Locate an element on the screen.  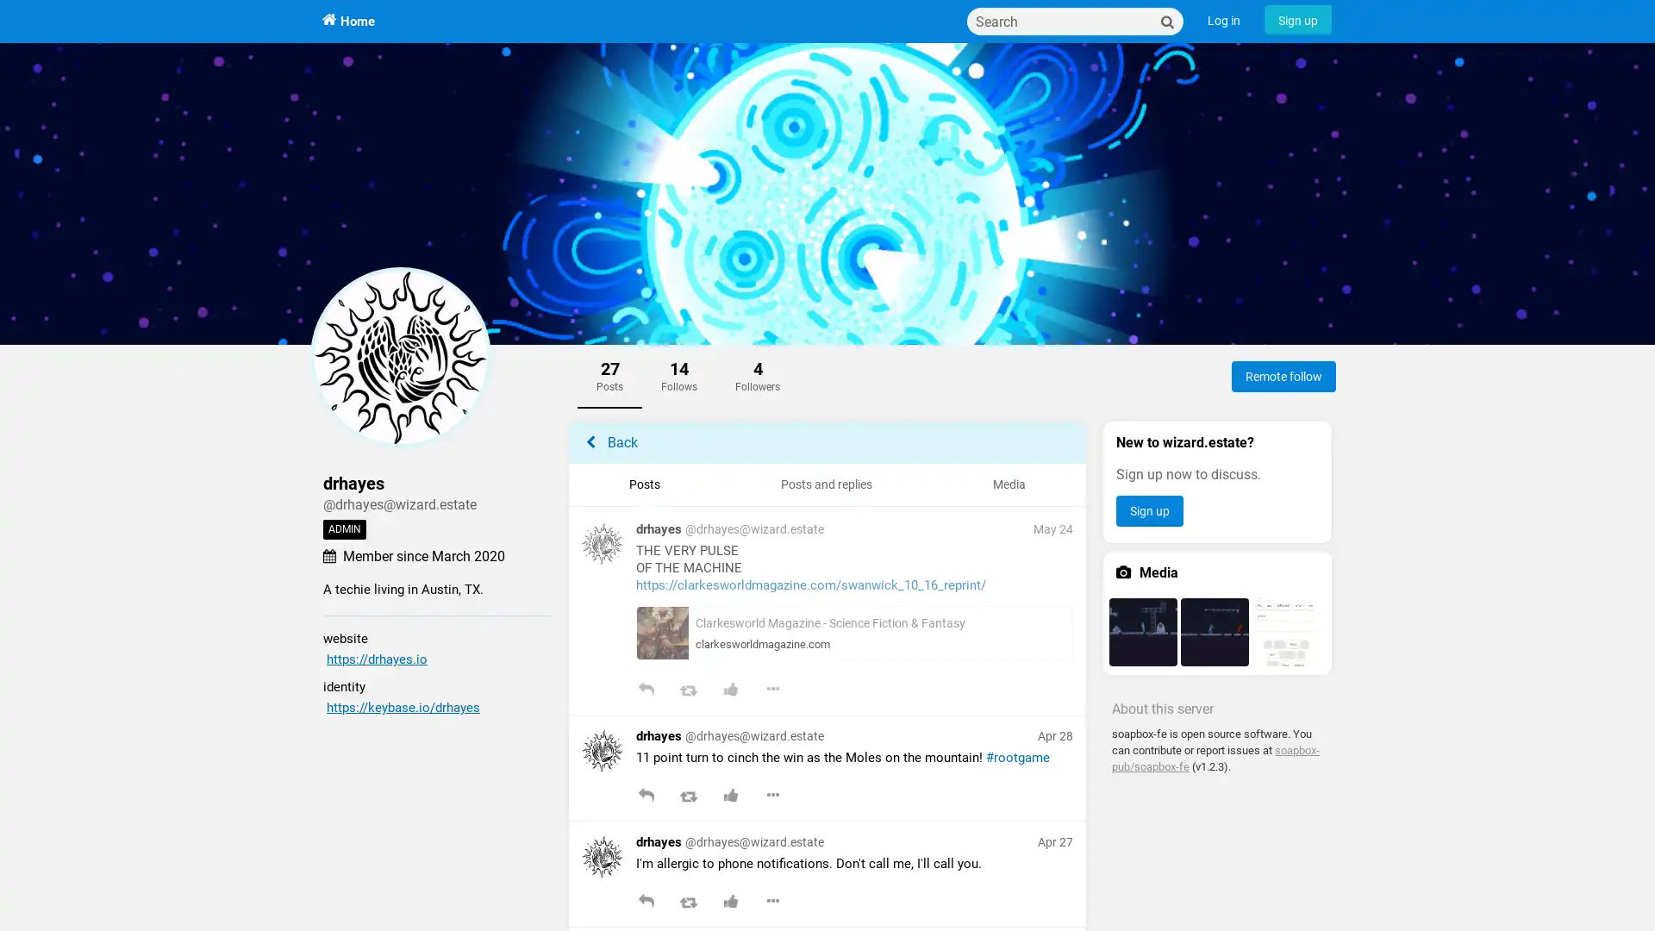
More is located at coordinates (771, 797).